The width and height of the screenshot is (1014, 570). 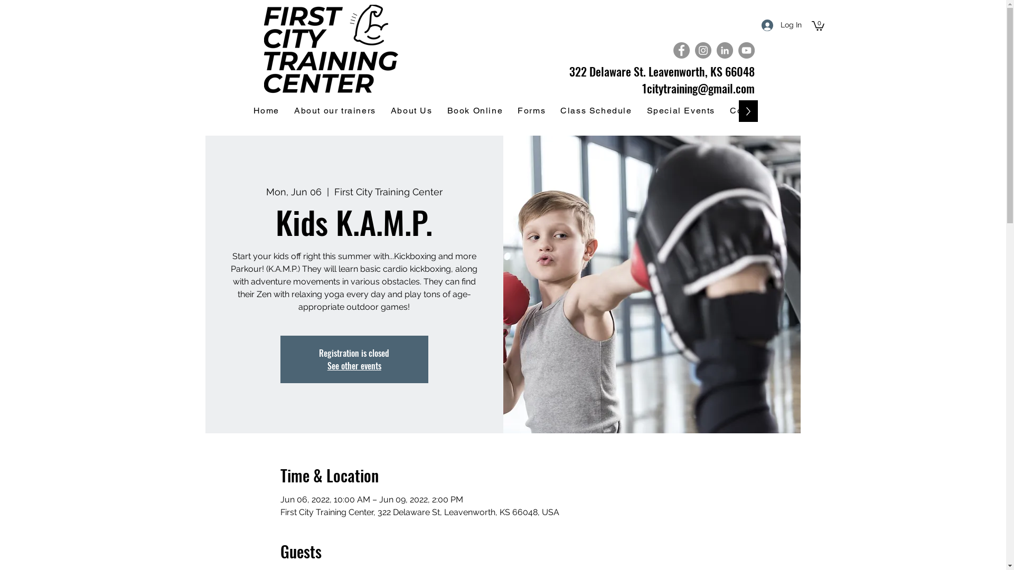 I want to click on 'About our trainers', so click(x=334, y=111).